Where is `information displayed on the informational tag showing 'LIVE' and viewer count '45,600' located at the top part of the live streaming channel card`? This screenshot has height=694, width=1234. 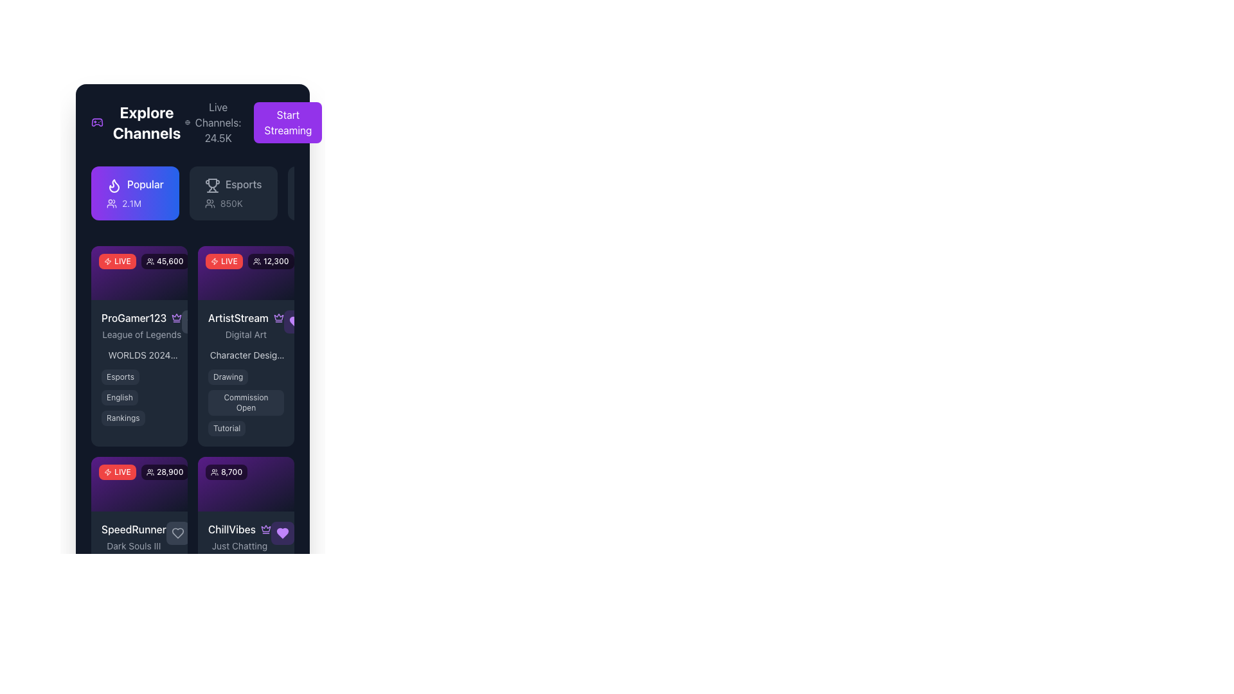 information displayed on the informational tag showing 'LIVE' and viewer count '45,600' located at the top part of the live streaming channel card is located at coordinates (139, 272).